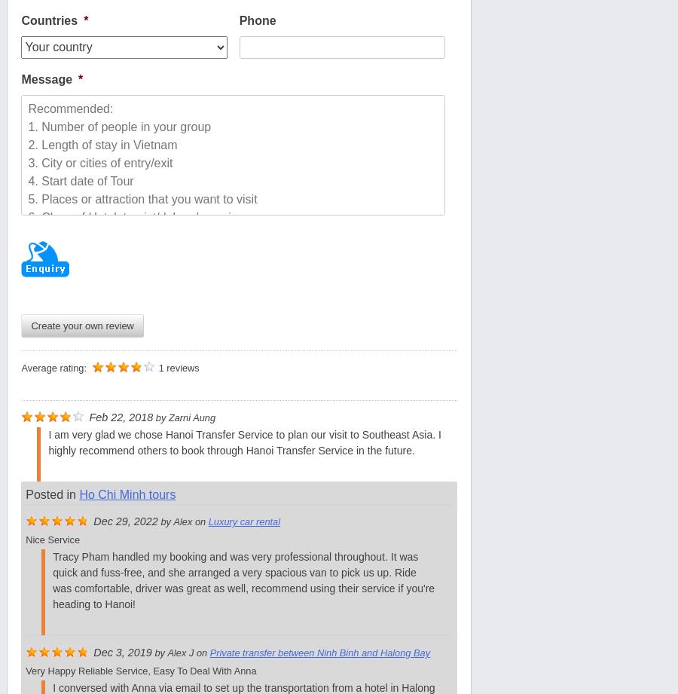 Image resolution: width=678 pixels, height=694 pixels. Describe the element at coordinates (81, 325) in the screenshot. I see `'Create your own review'` at that location.